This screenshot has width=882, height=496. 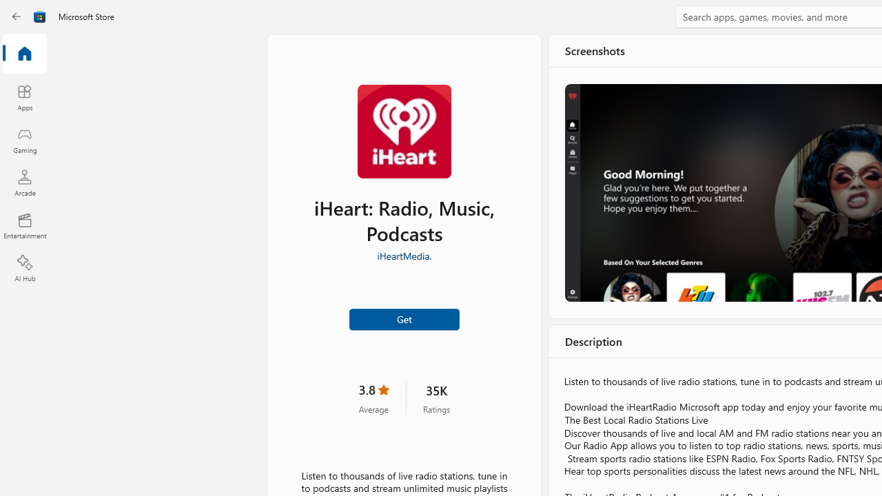 I want to click on 'Back', so click(x=17, y=17).